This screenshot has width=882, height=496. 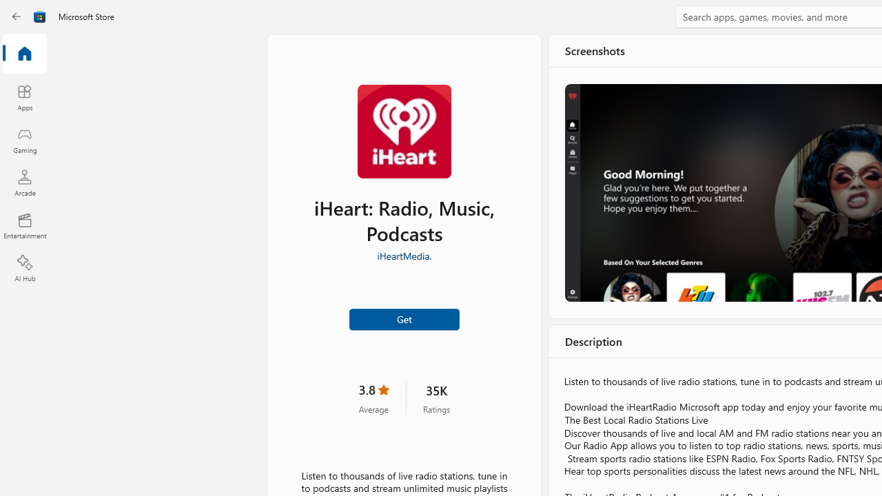 I want to click on 'Back', so click(x=17, y=17).